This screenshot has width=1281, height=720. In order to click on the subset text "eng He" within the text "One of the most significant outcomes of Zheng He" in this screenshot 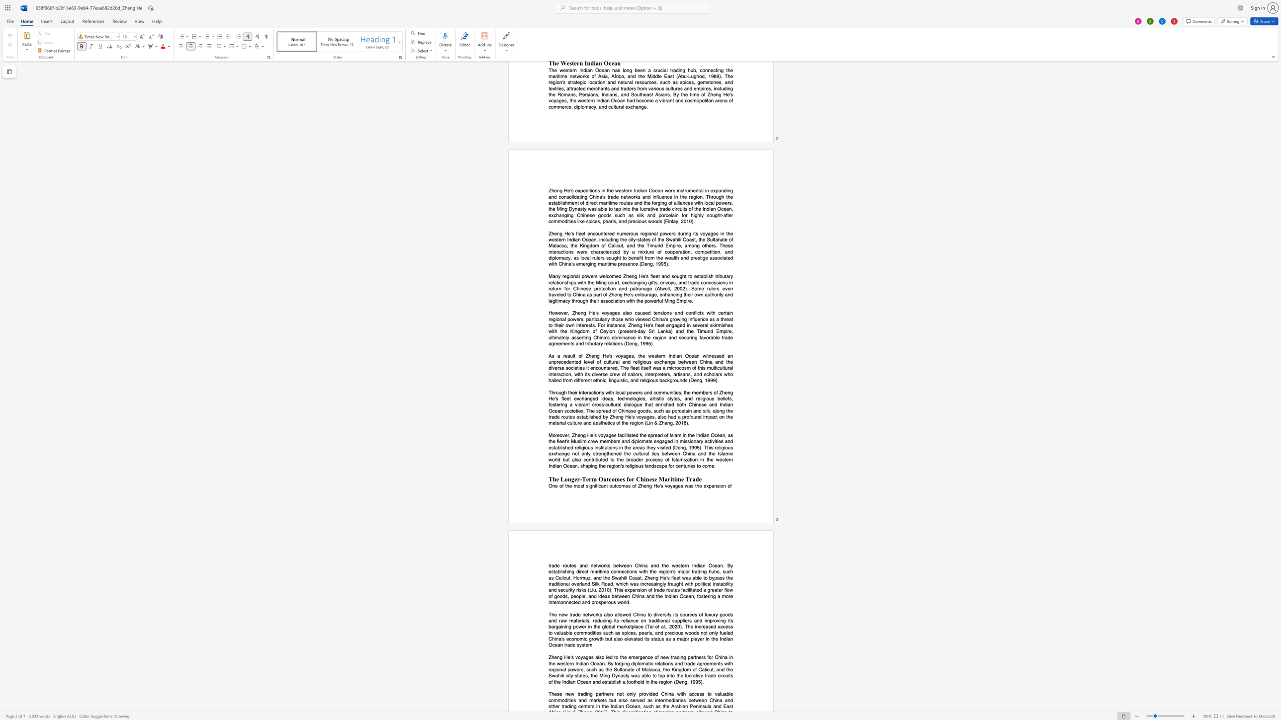, I will do `click(643, 486)`.